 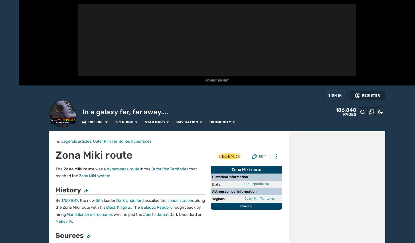 I want to click on '1', so click(x=69, y=197).